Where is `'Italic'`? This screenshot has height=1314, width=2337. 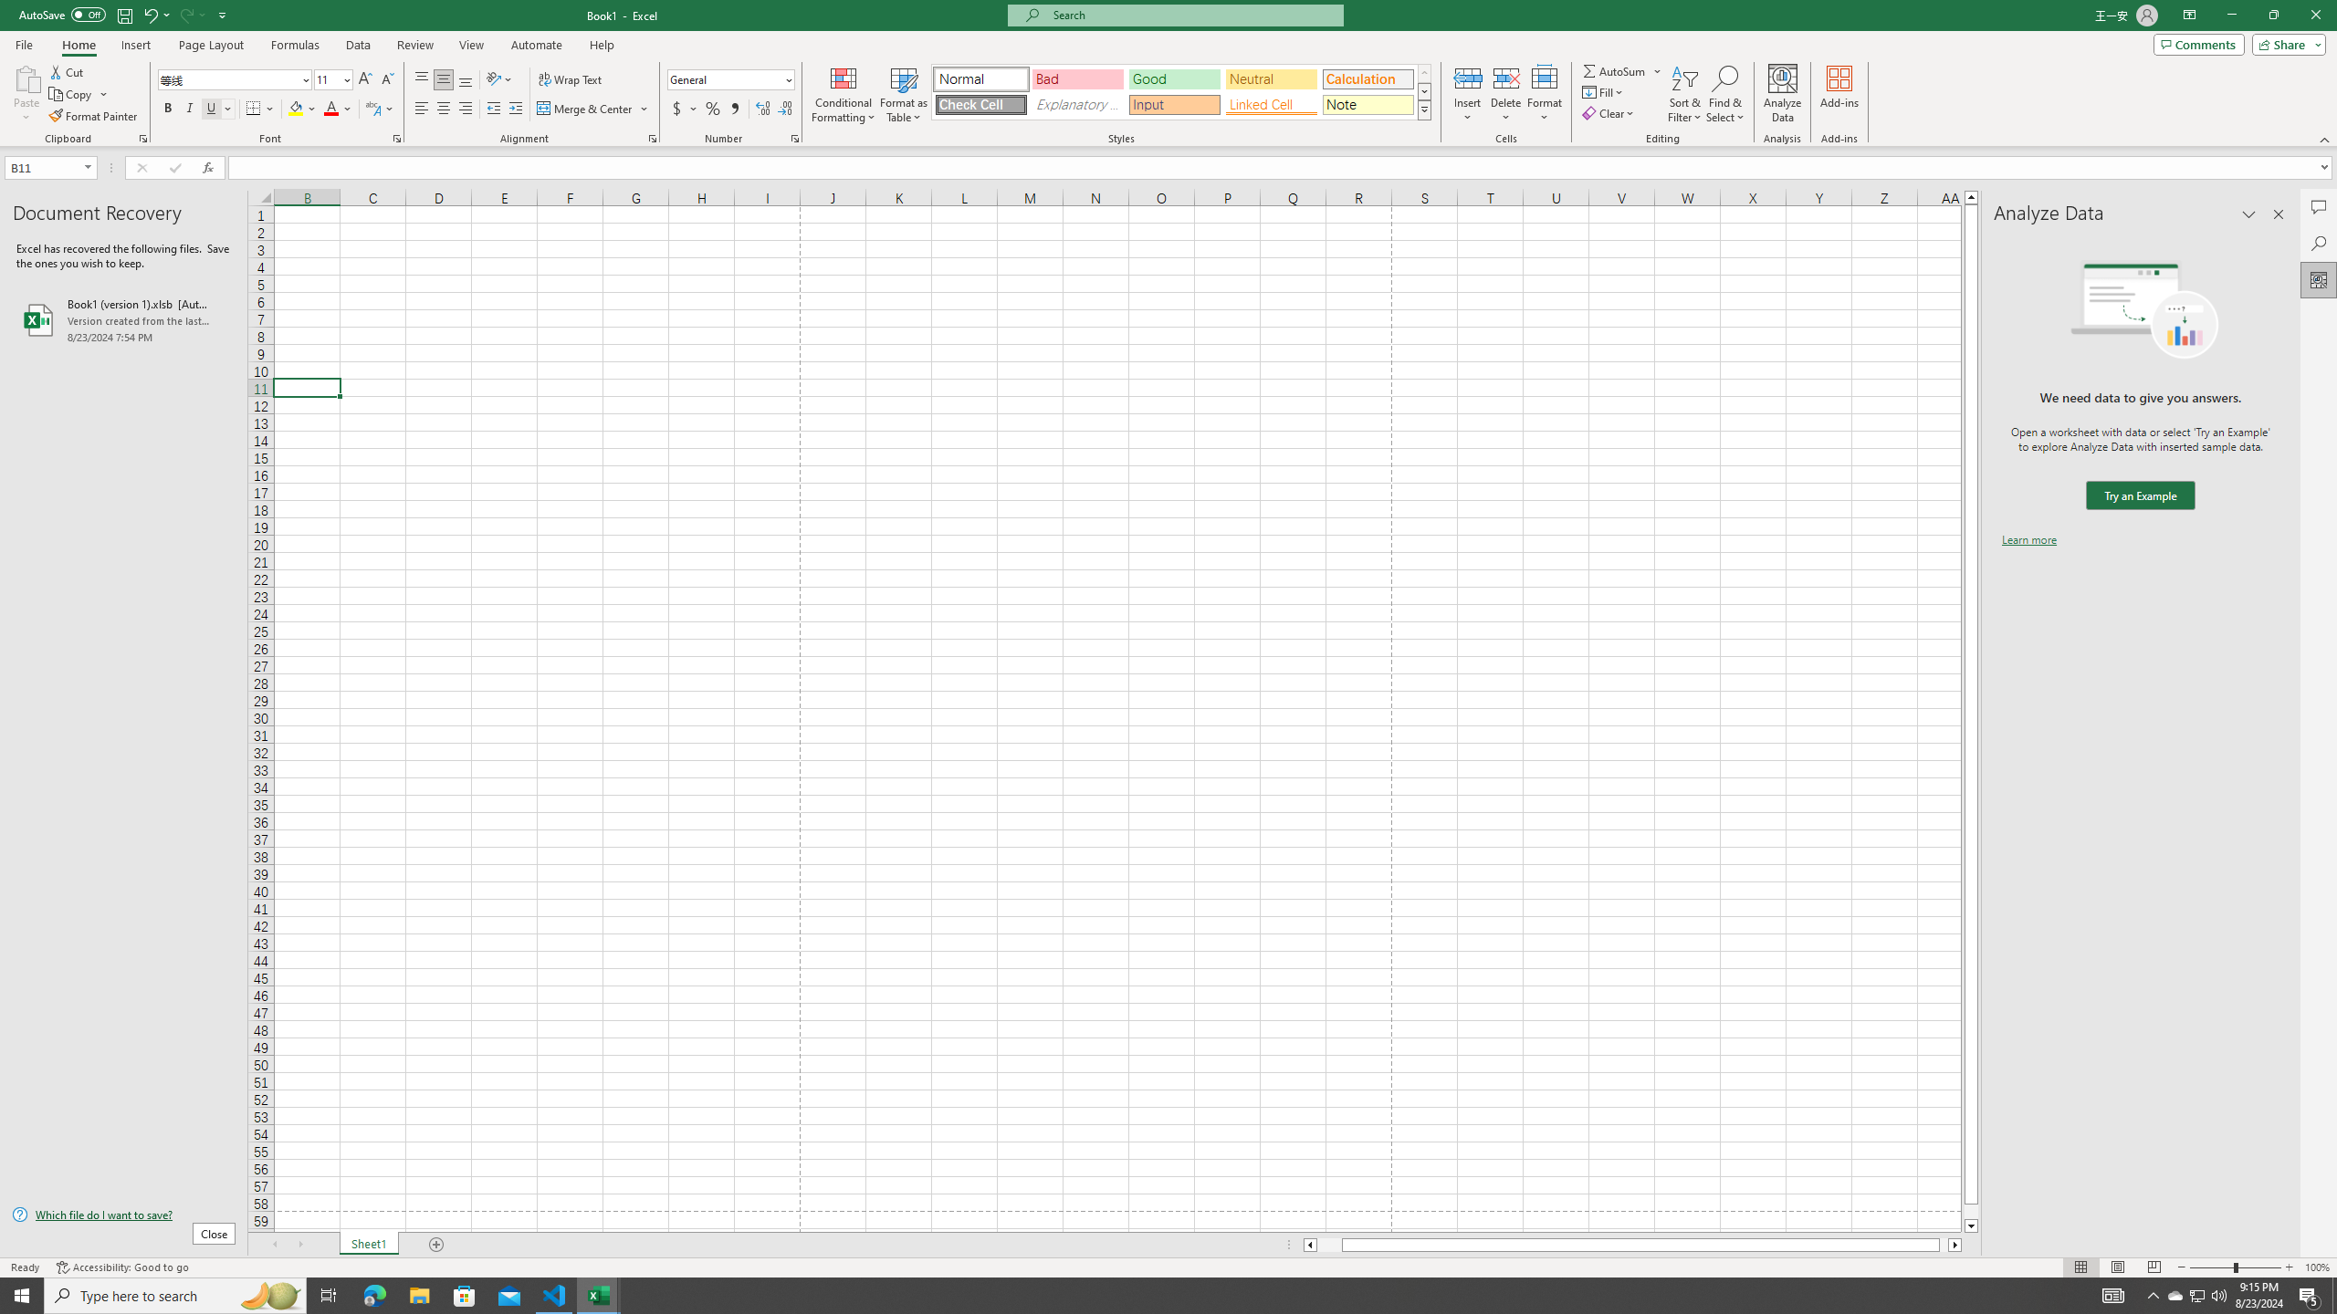
'Italic' is located at coordinates (189, 108).